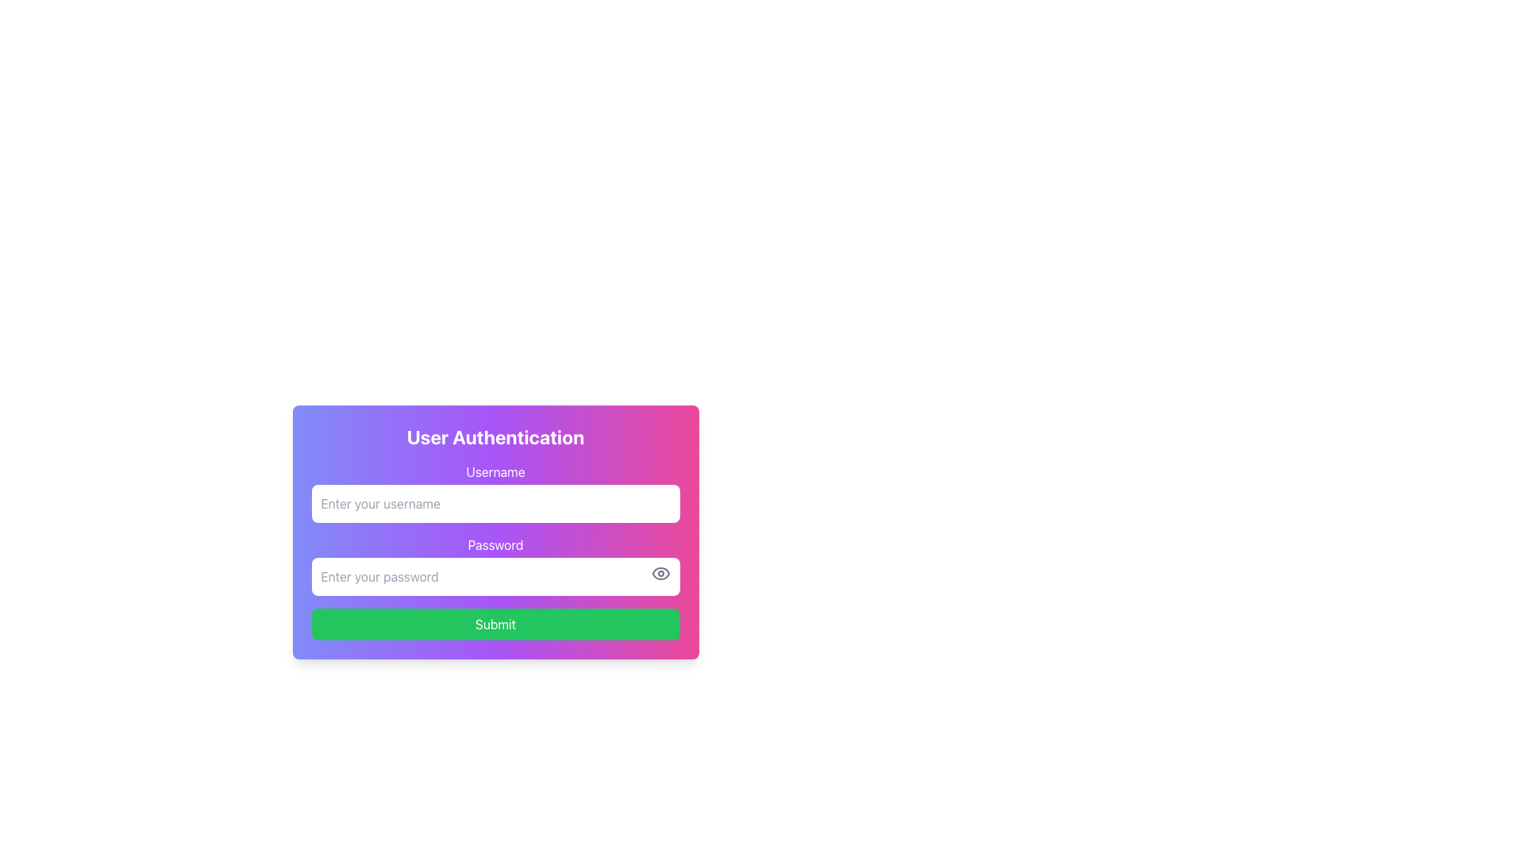 Image resolution: width=1524 pixels, height=857 pixels. Describe the element at coordinates (495, 573) in the screenshot. I see `the password input field to type a password, which is the second input field below the 'Username' field and above the 'Submit' button` at that location.